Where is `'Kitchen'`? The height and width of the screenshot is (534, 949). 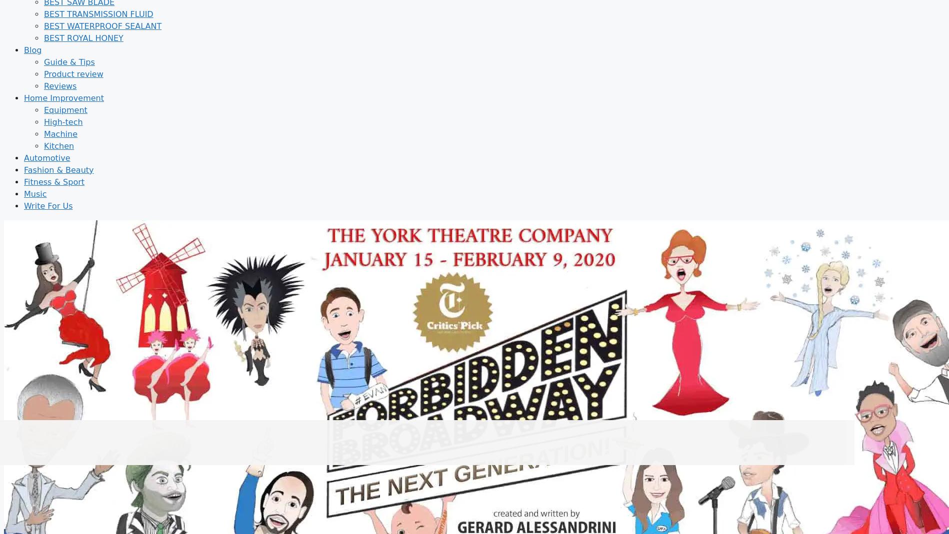 'Kitchen' is located at coordinates (59, 145).